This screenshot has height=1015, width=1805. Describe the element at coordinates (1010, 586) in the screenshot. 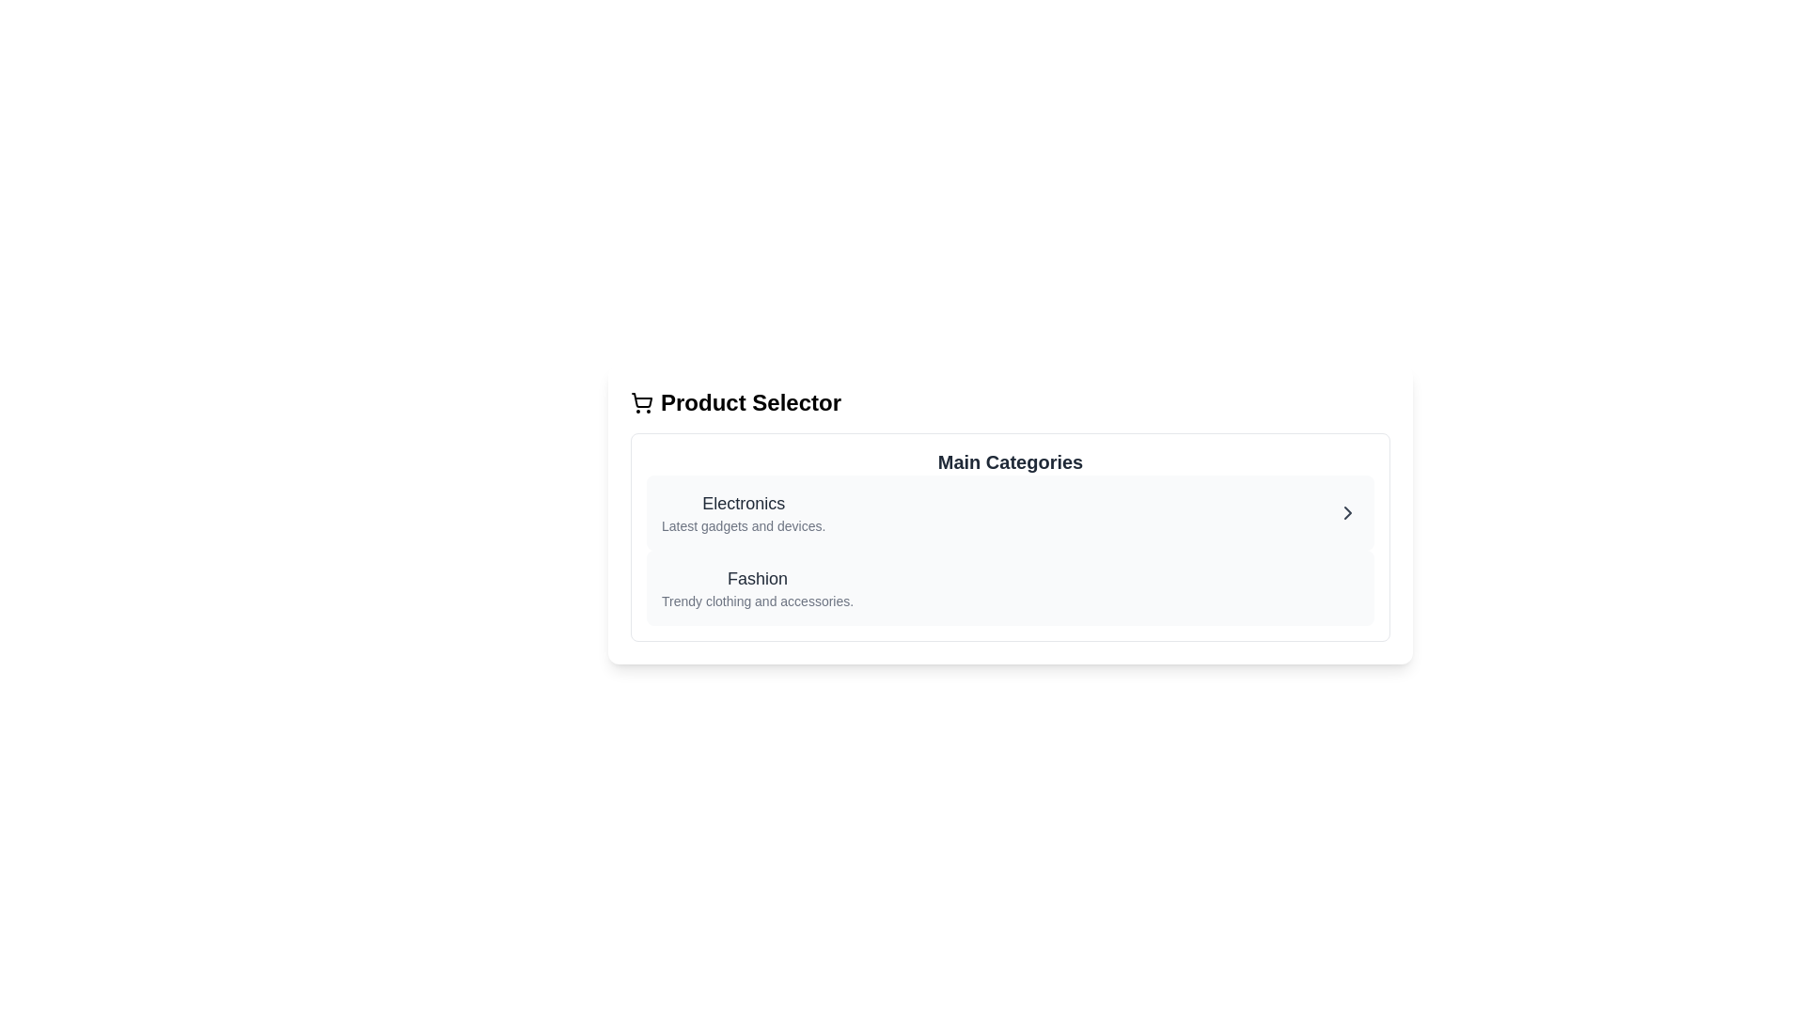

I see `the 'Fashion' category selector button located below the 'Electronics' item in the 'Main Categories' section` at that location.